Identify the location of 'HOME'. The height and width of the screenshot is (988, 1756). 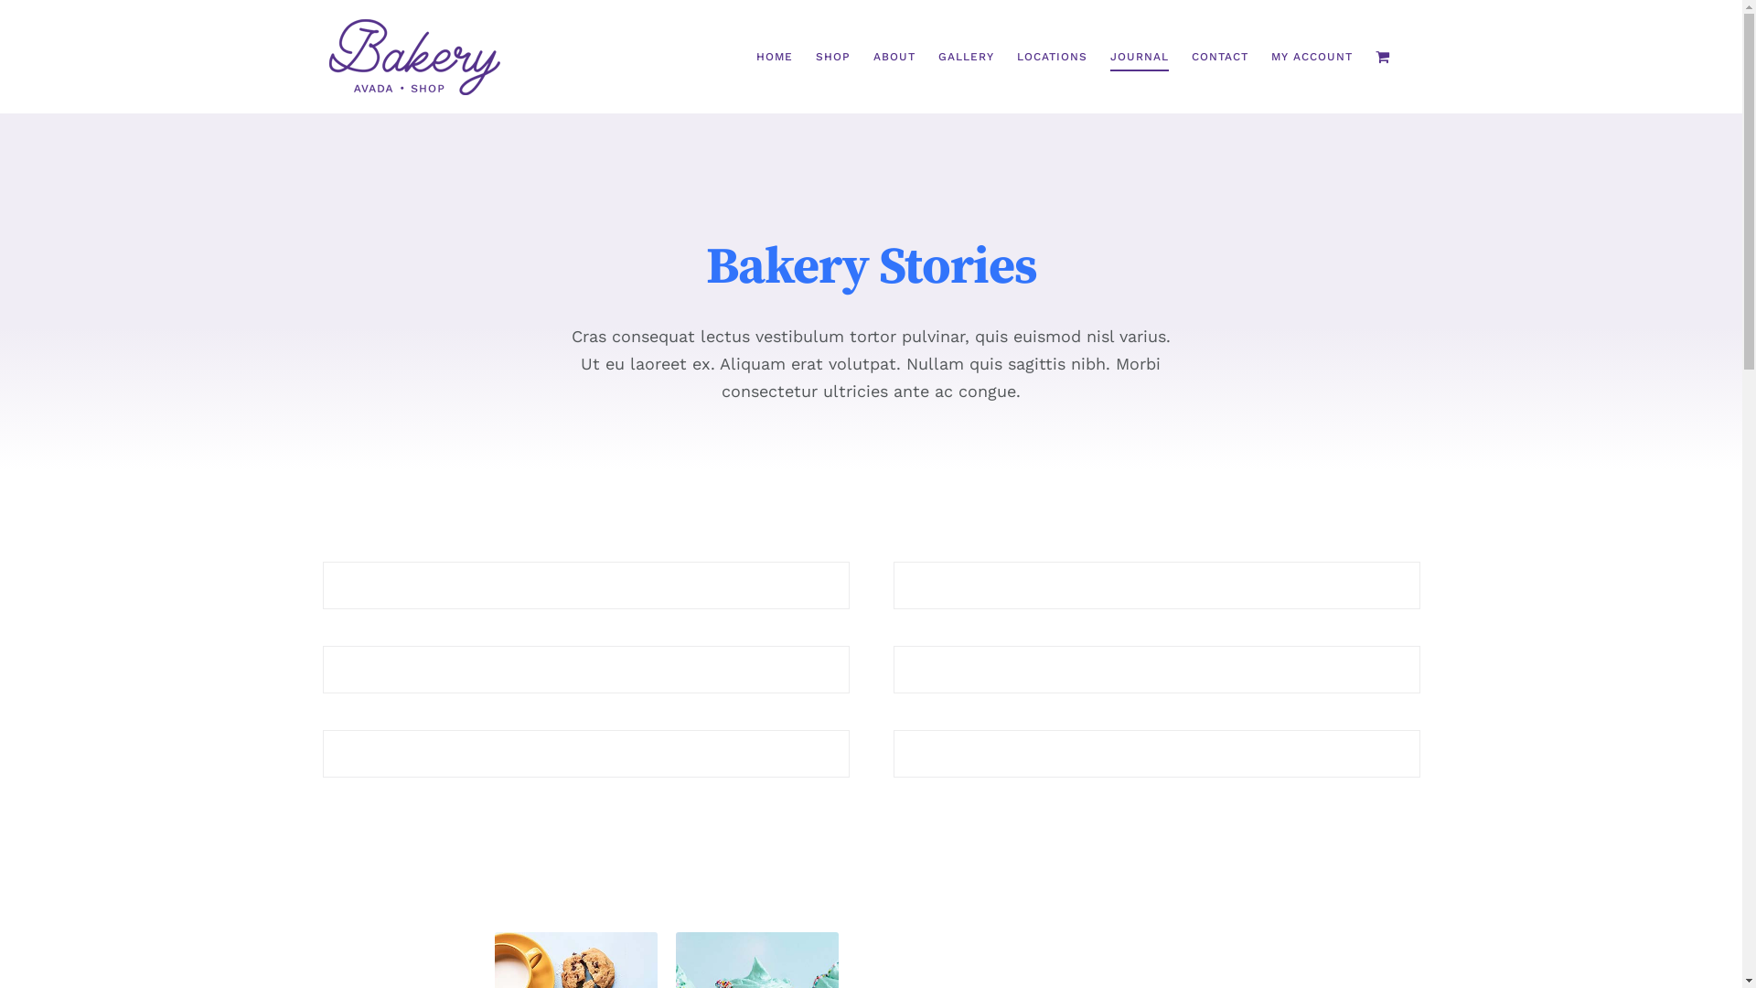
(773, 55).